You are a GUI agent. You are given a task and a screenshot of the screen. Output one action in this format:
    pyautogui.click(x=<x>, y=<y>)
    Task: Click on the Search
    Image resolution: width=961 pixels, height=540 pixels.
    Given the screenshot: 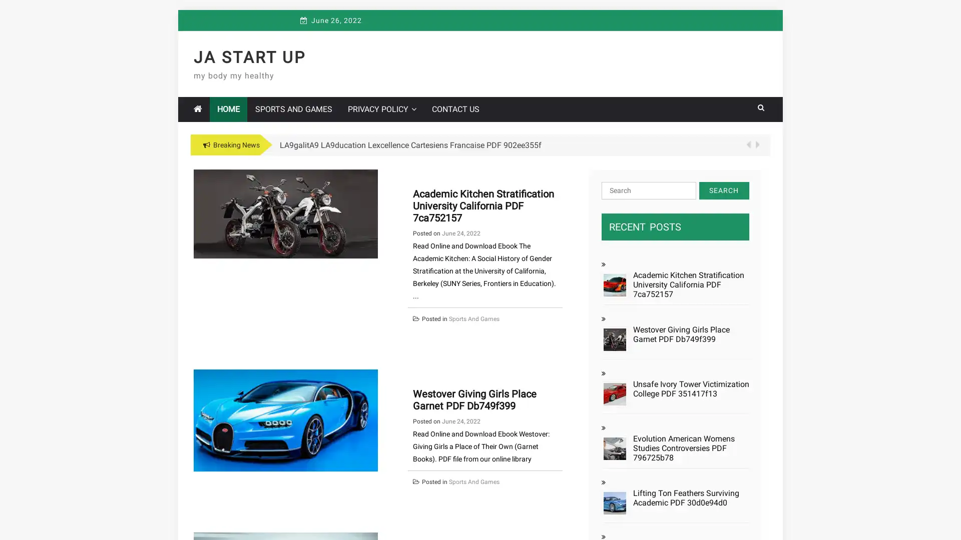 What is the action you would take?
    pyautogui.click(x=723, y=190)
    